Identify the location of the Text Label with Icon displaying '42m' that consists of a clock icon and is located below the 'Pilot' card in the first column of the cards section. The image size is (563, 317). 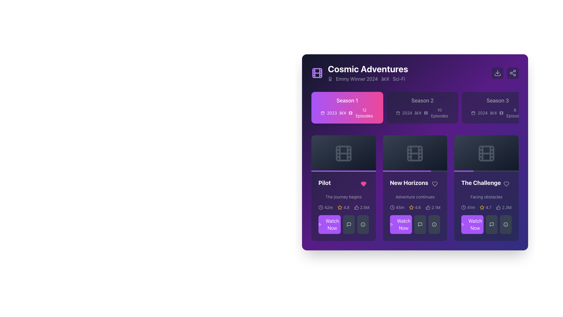
(325, 207).